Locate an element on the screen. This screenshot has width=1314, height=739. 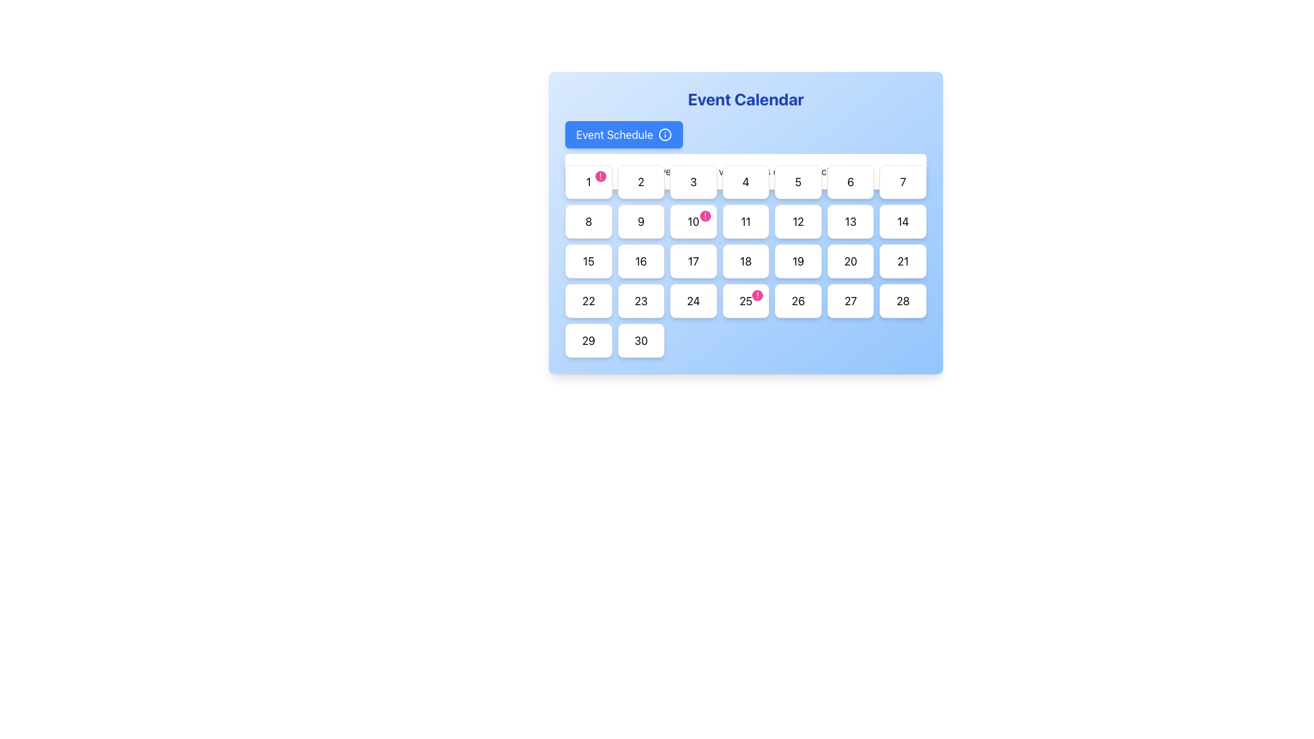
the button labeled '4' located in the first row and fourth column of a seven-column grid within a calendar UI is located at coordinates (745, 181).